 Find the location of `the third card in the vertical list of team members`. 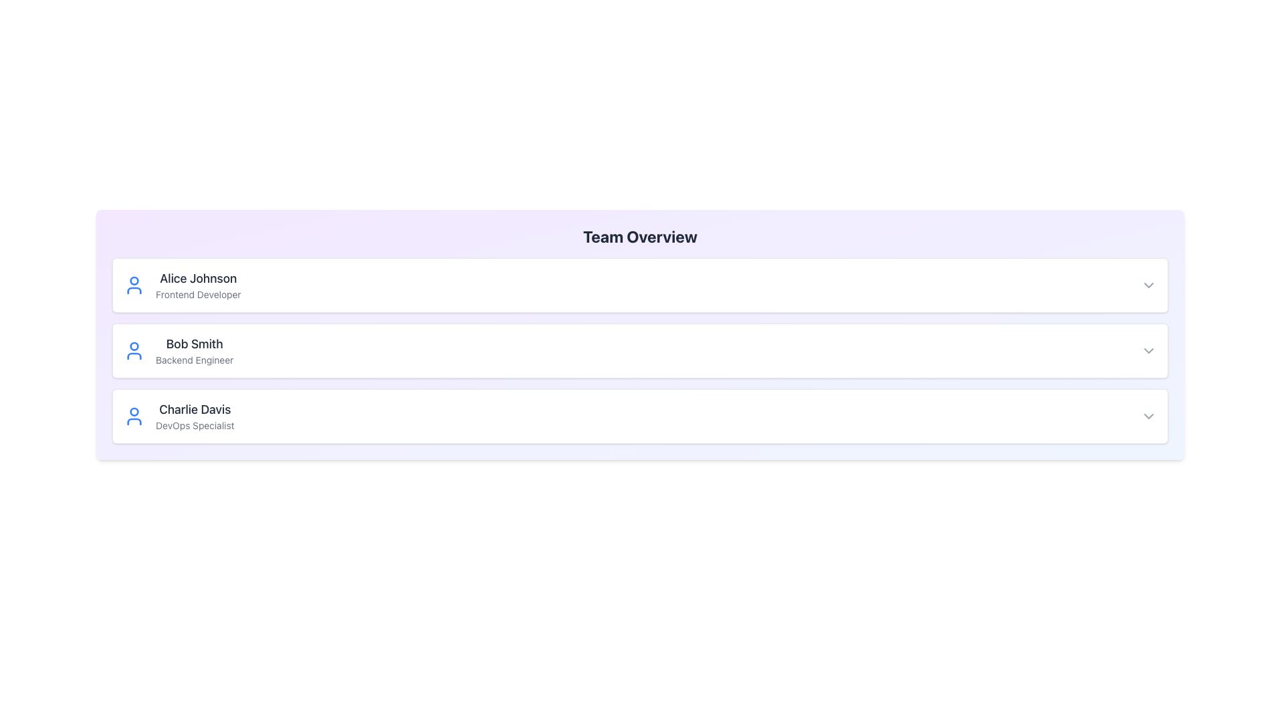

the third card in the vertical list of team members is located at coordinates (639, 416).